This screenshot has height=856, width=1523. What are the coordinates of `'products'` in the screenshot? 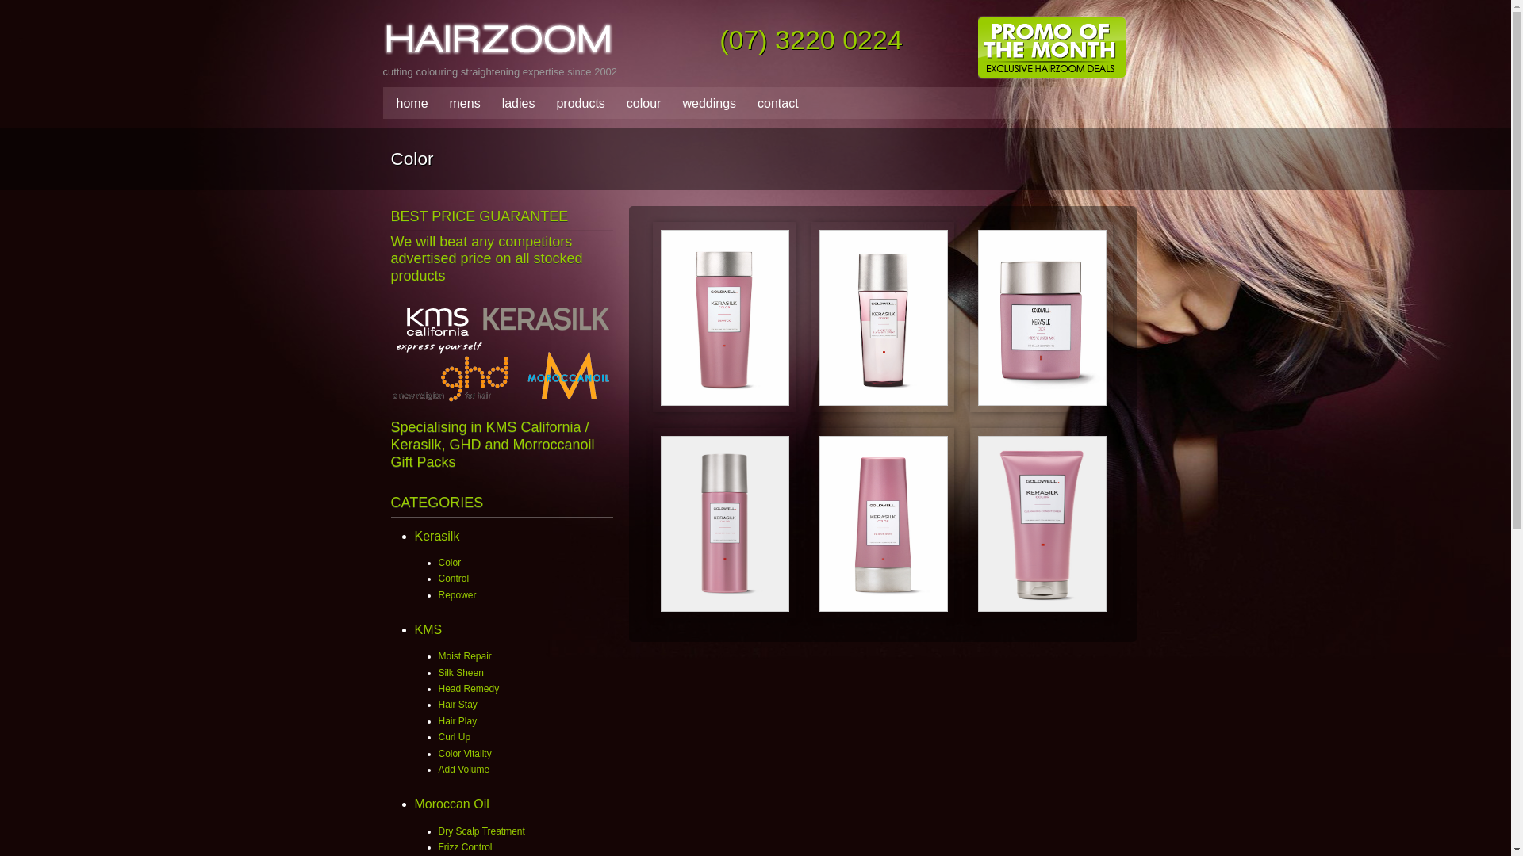 It's located at (575, 104).